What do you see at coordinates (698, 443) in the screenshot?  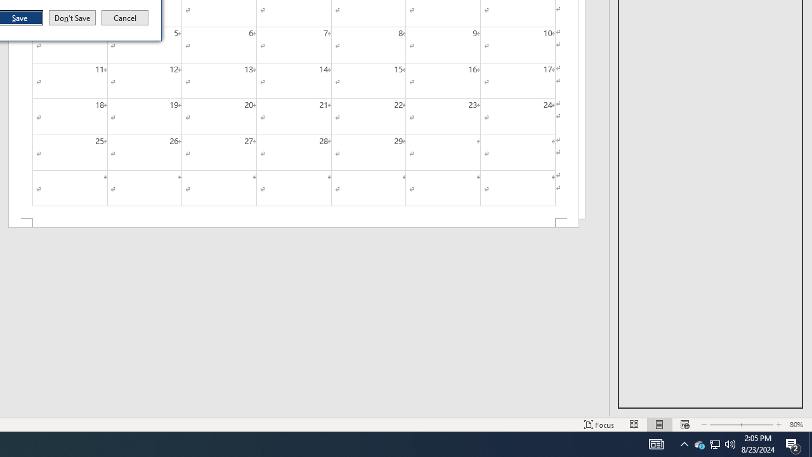 I see `'Q2790: 100%'` at bounding box center [698, 443].